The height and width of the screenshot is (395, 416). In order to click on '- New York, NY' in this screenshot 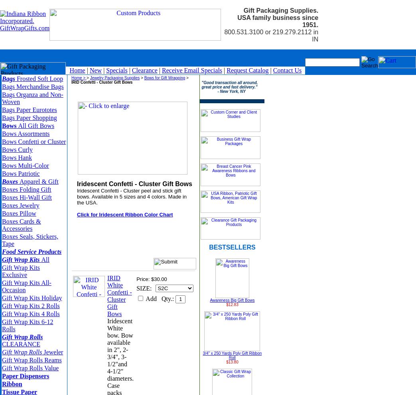, I will do `click(231, 91)`.